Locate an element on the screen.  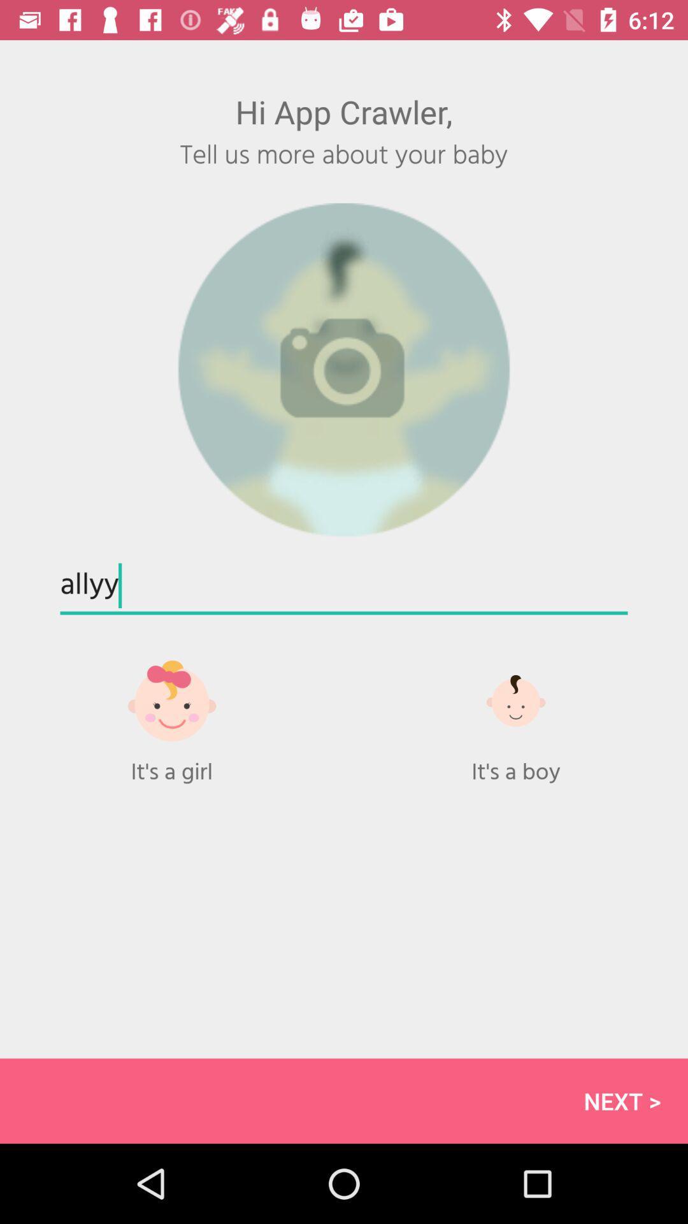
next > icon is located at coordinates (344, 1100).